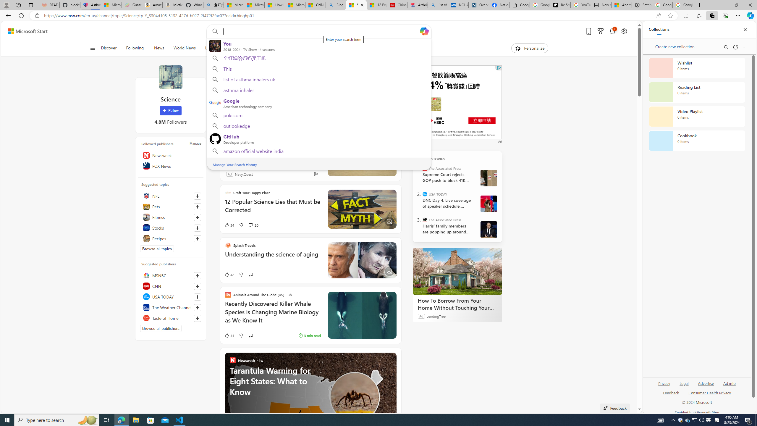 The width and height of the screenshot is (757, 426). What do you see at coordinates (621, 5) in the screenshot?
I see `'Aberdeen, Hong Kong SAR hourly forecast | Microsoft Weather'` at bounding box center [621, 5].